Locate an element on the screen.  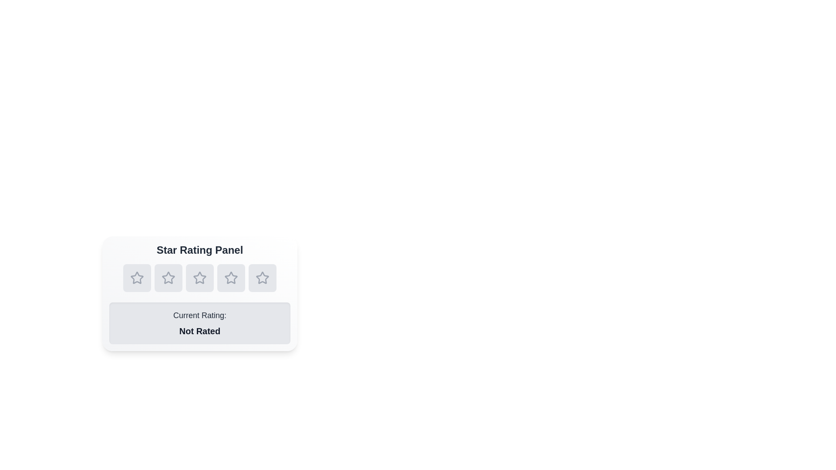
the fourth star icon in the Star Rating Panel is located at coordinates (231, 278).